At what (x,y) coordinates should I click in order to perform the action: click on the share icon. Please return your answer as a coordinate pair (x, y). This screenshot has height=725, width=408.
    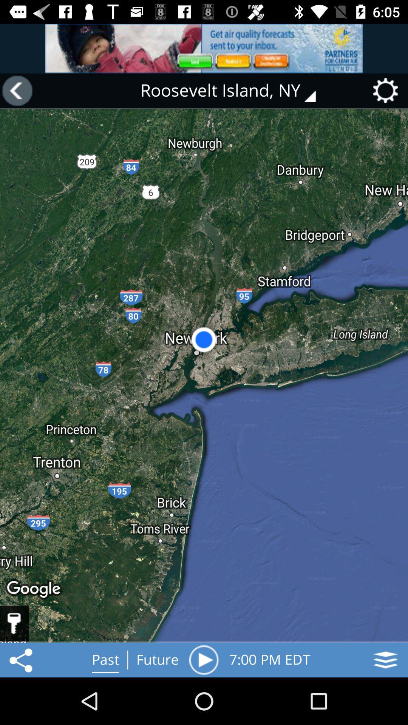
    Looking at the image, I should click on (22, 659).